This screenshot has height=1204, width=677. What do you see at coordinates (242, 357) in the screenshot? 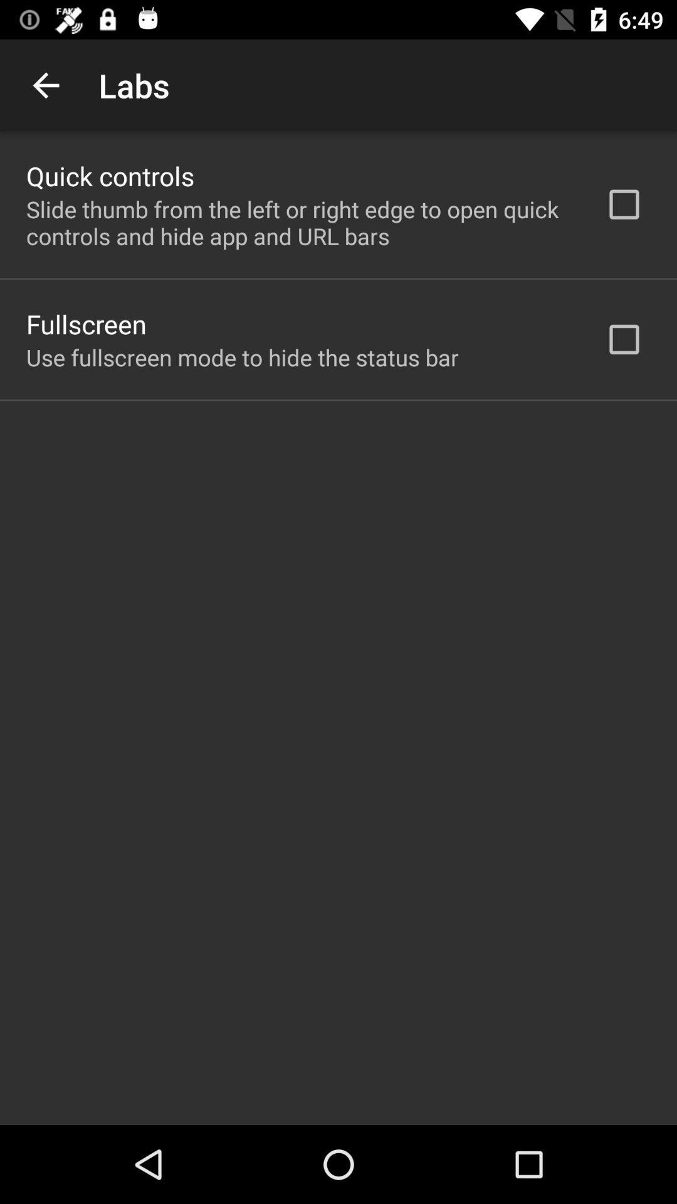
I see `the app below the fullscreen icon` at bounding box center [242, 357].